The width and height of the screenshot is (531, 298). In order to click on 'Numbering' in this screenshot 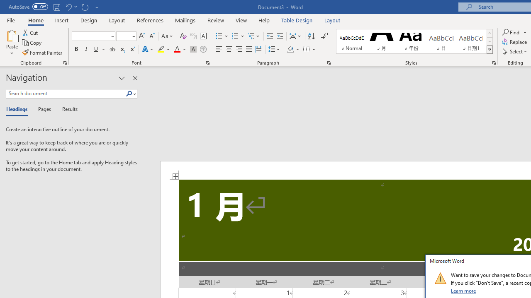, I will do `click(238, 36)`.